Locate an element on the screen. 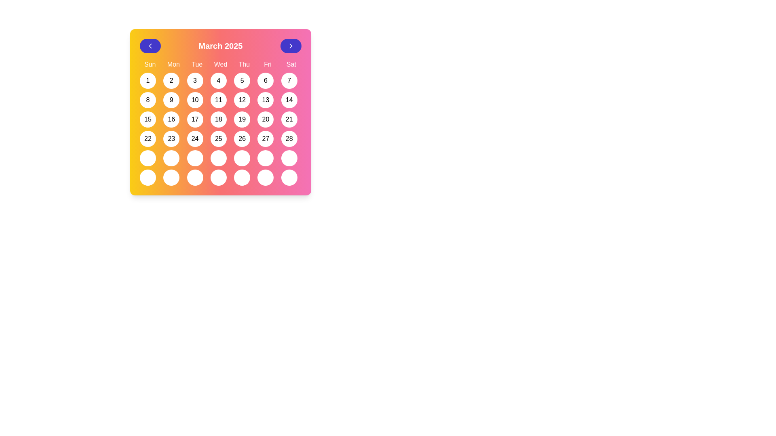 The height and width of the screenshot is (436, 776). the selectable date button for the date '13' in the calendar interface, located in the fifth column and second row under the 'Fri' header is located at coordinates (266, 99).